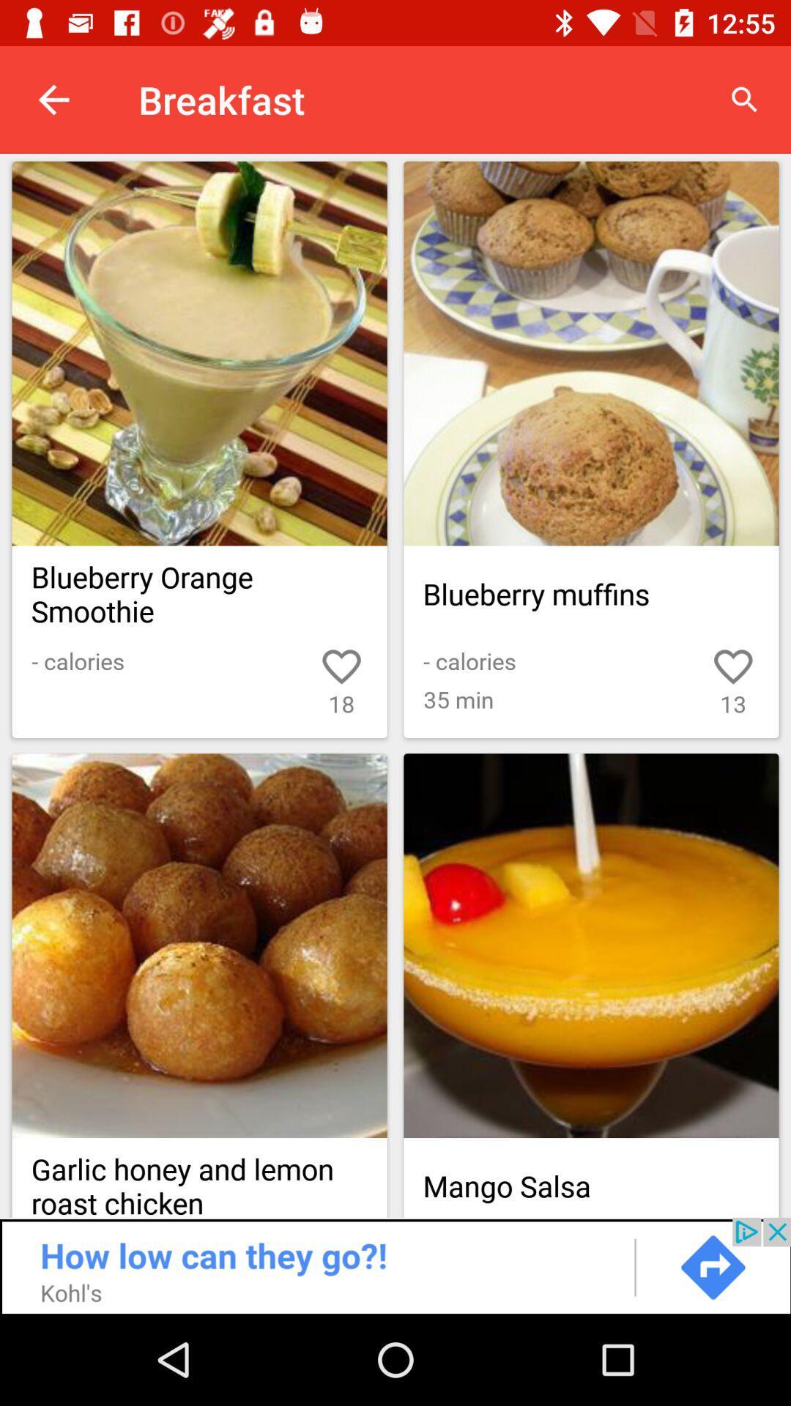  I want to click on open advertisement, so click(395, 1265).